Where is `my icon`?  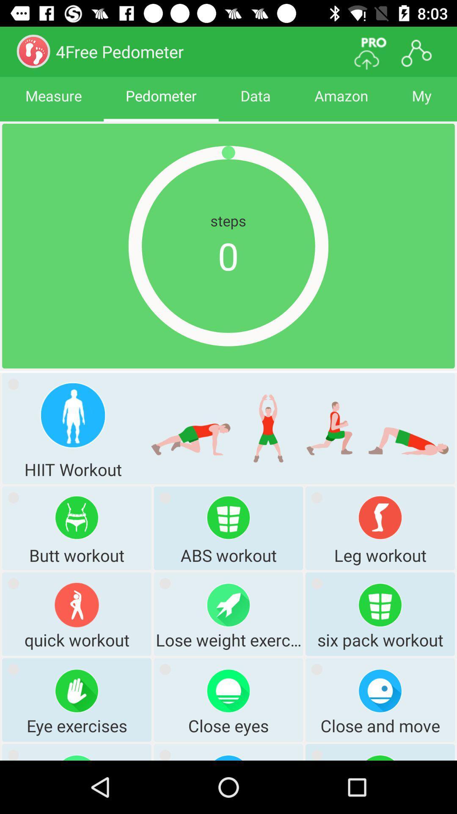 my icon is located at coordinates (421, 103).